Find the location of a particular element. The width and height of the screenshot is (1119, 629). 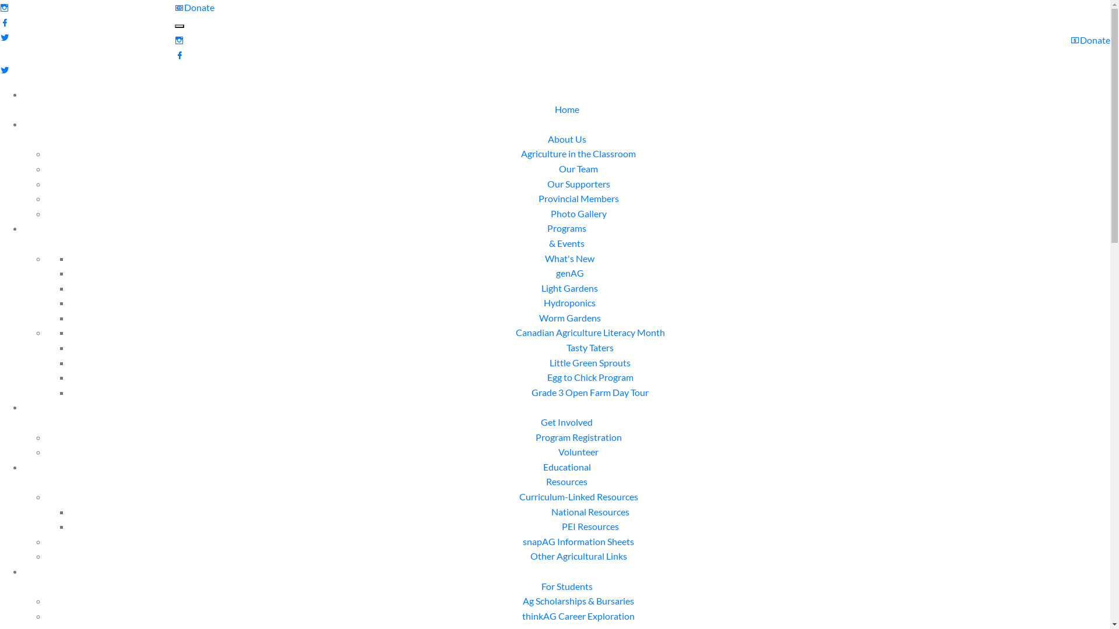

'Educational is located at coordinates (542, 474).